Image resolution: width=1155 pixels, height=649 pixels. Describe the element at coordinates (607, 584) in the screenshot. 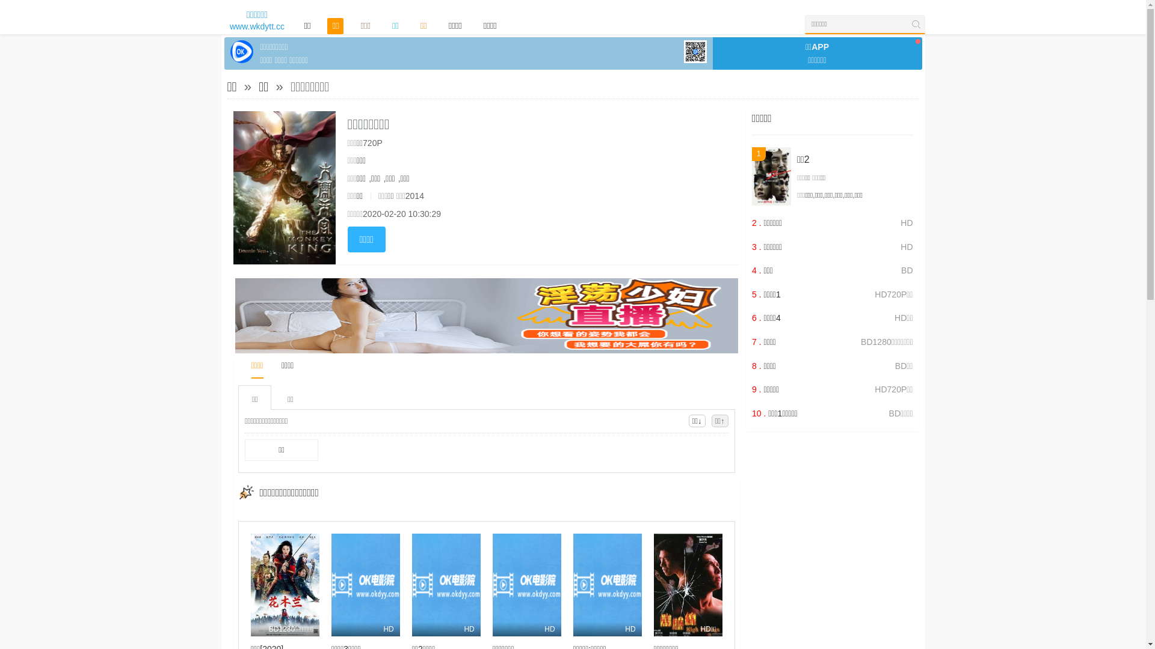

I see `'HD'` at that location.